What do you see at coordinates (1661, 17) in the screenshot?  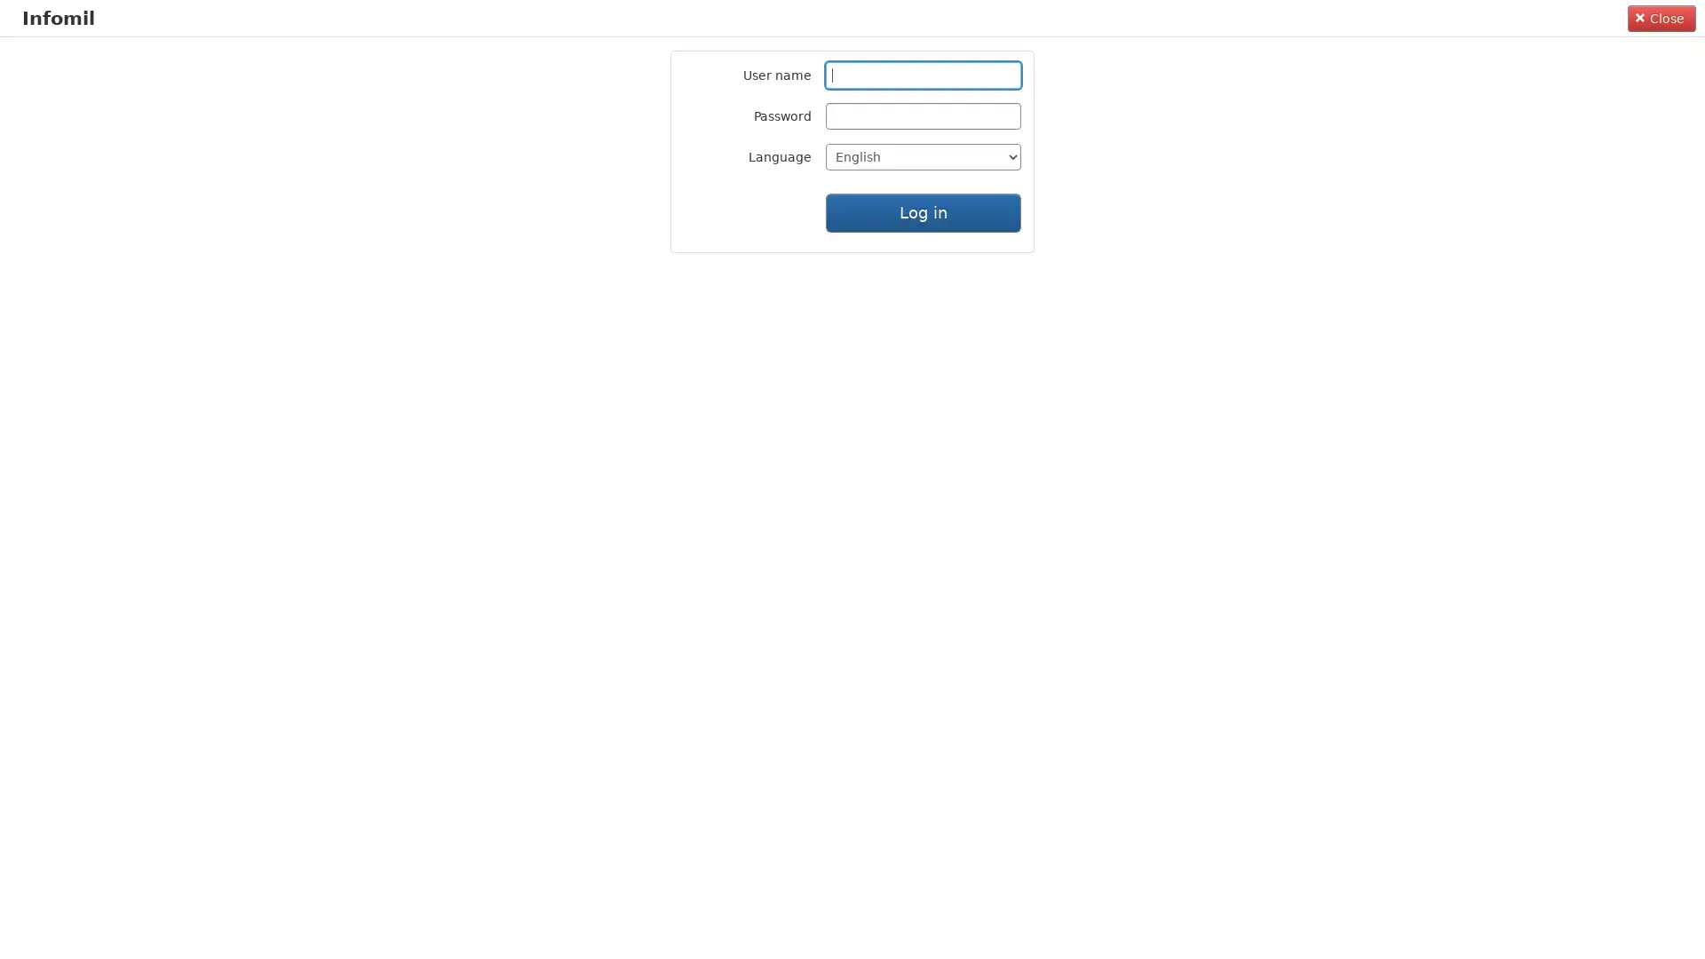 I see `Close` at bounding box center [1661, 17].